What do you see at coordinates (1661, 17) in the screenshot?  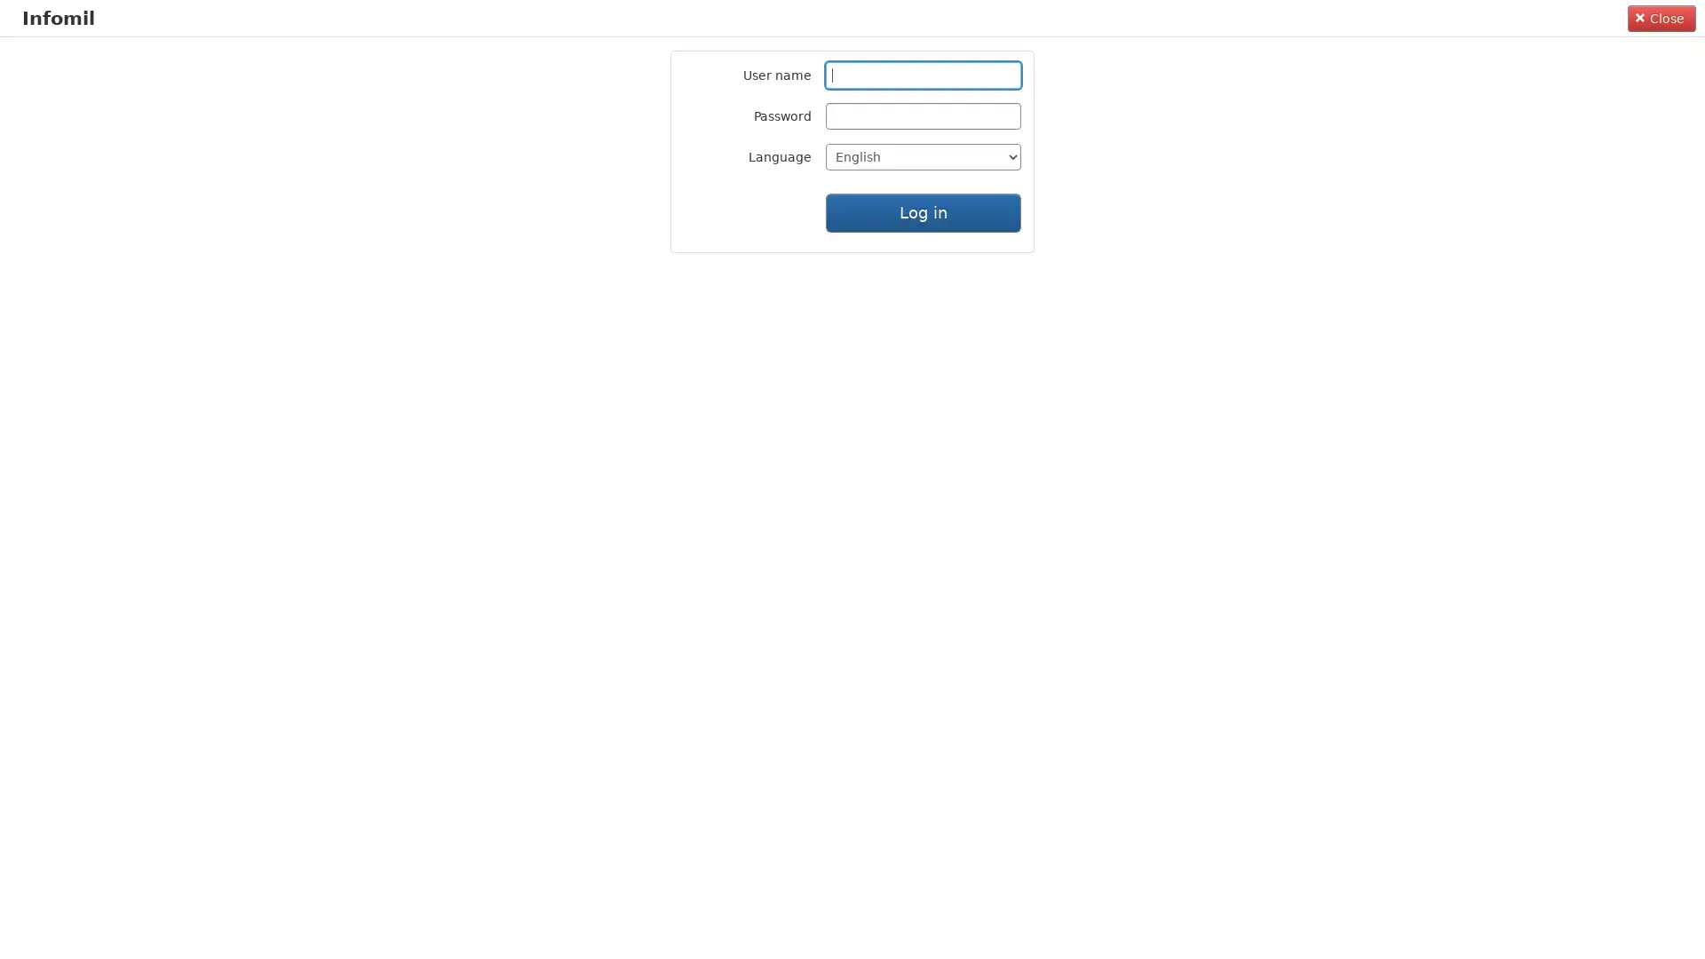 I see `Close` at bounding box center [1661, 17].